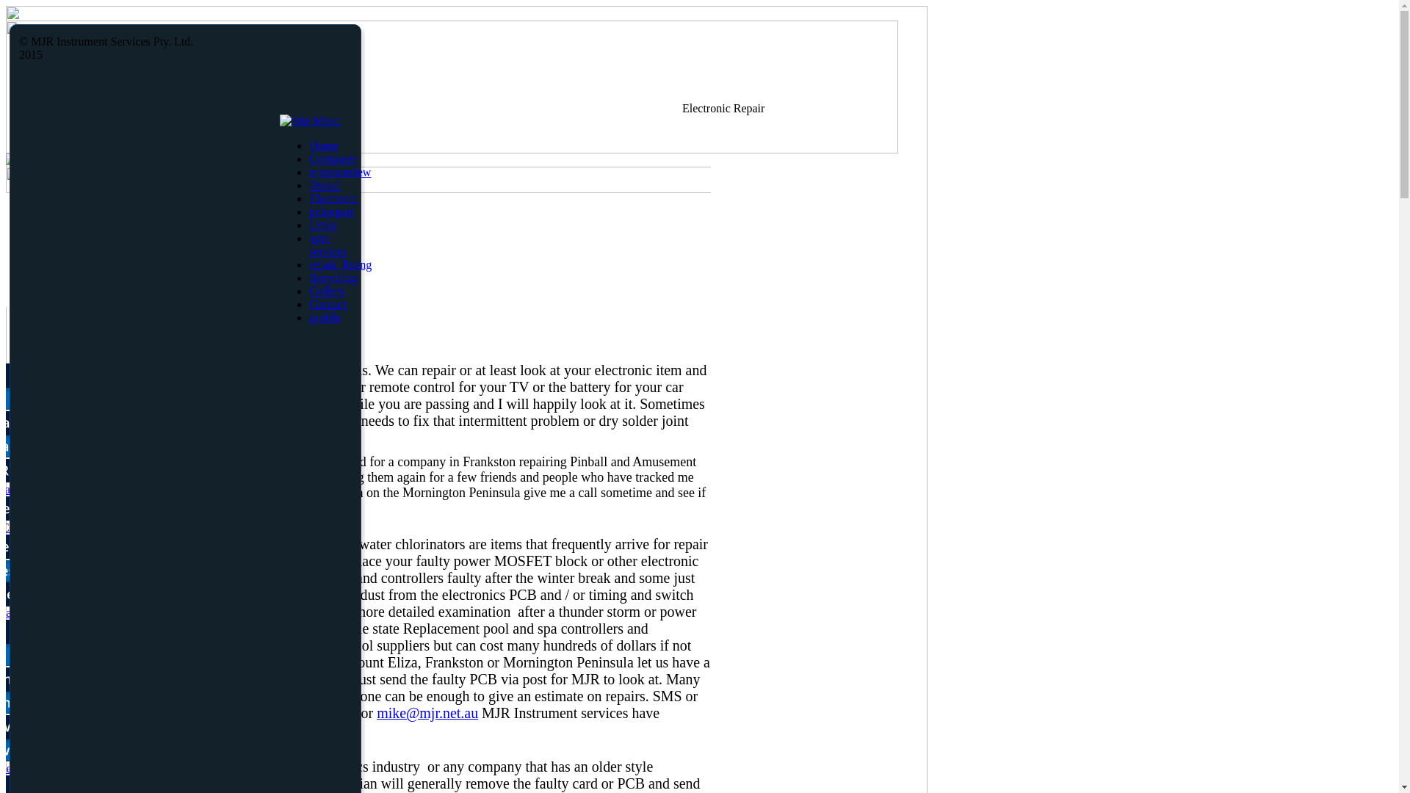  What do you see at coordinates (326, 291) in the screenshot?
I see `'Gallery'` at bounding box center [326, 291].